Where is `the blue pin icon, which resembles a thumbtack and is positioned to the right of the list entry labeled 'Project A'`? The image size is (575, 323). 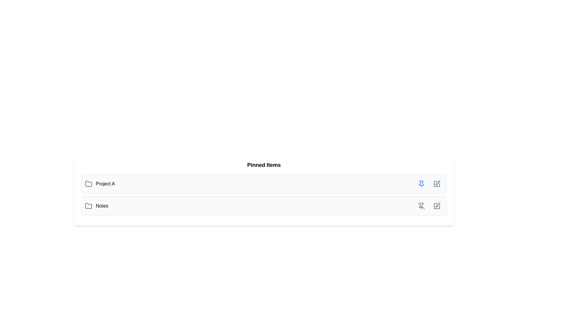 the blue pin icon, which resembles a thumbtack and is positioned to the right of the list entry labeled 'Project A' is located at coordinates (421, 183).